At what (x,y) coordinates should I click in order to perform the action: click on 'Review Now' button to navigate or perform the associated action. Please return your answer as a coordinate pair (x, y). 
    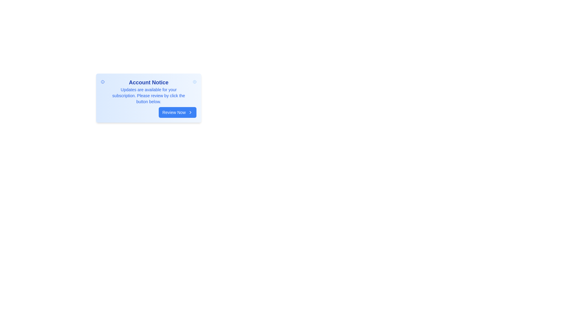
    Looking at the image, I should click on (177, 112).